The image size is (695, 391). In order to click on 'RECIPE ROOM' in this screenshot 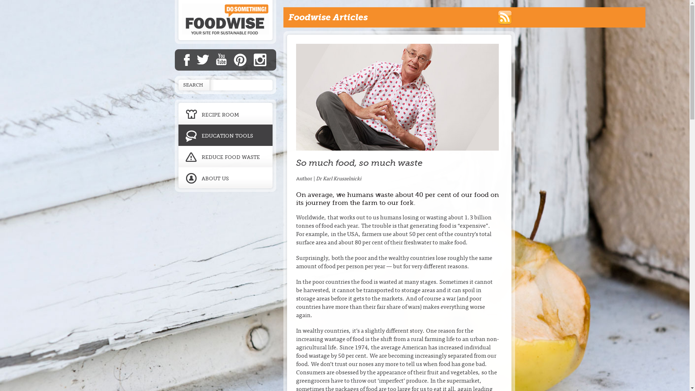, I will do `click(225, 112)`.